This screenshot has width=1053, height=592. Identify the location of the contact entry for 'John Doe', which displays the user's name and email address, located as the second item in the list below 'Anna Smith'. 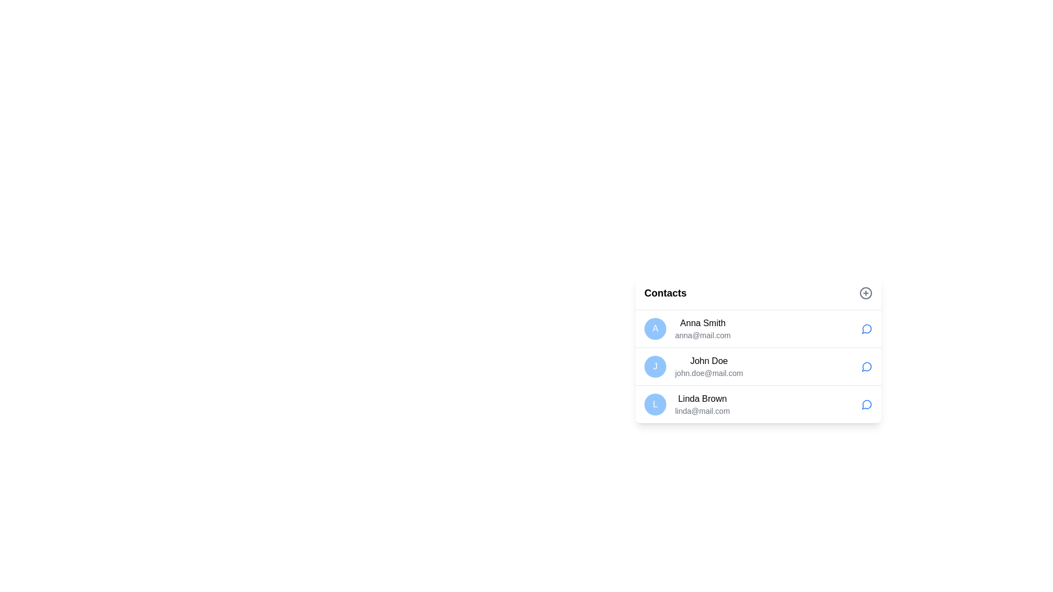
(693, 366).